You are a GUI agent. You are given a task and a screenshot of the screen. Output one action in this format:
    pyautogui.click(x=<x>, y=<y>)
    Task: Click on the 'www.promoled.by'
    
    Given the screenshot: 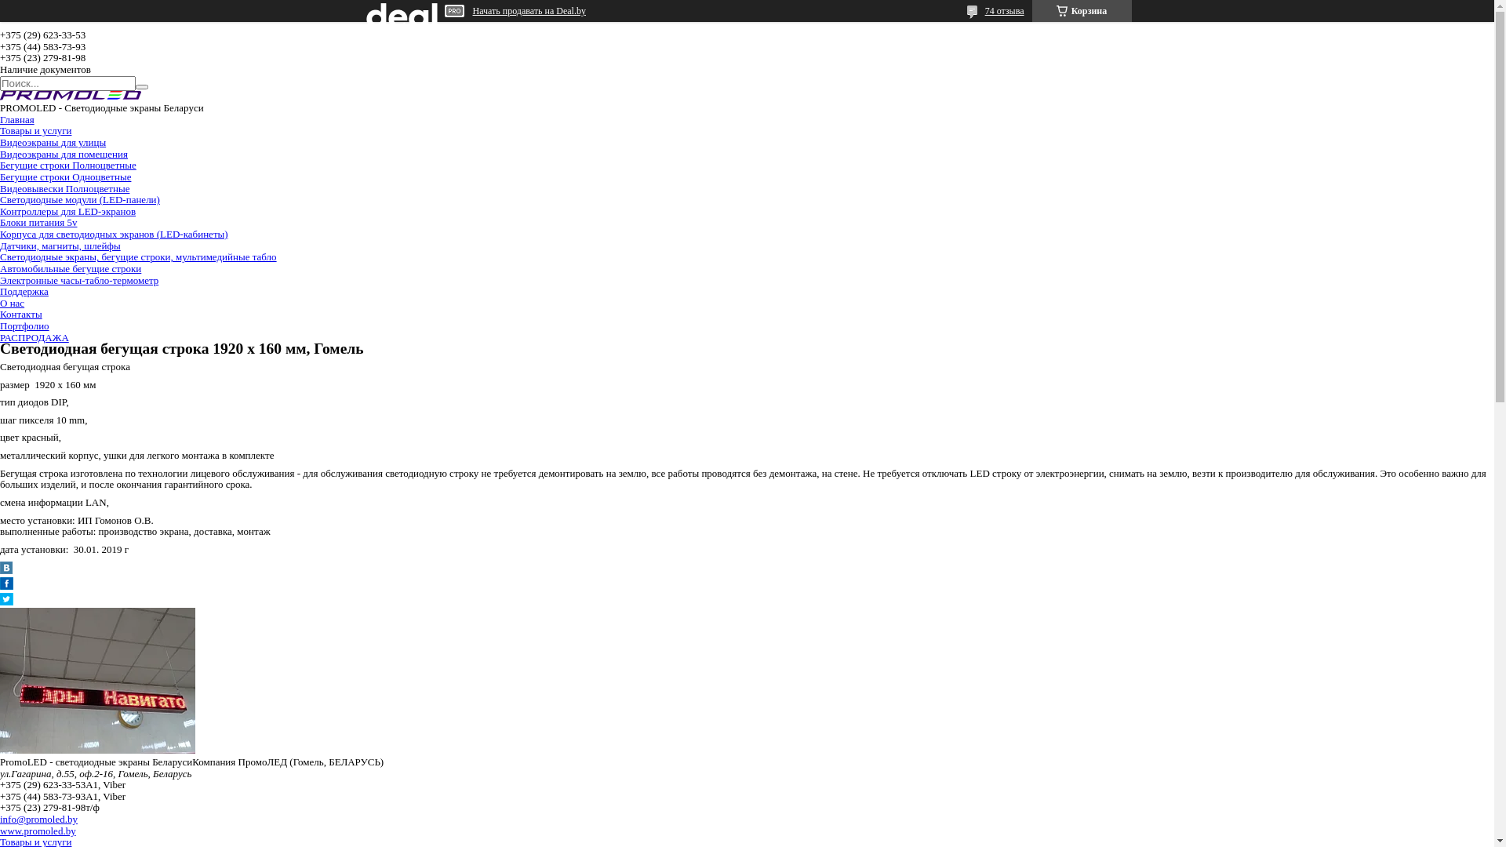 What is the action you would take?
    pyautogui.click(x=38, y=830)
    